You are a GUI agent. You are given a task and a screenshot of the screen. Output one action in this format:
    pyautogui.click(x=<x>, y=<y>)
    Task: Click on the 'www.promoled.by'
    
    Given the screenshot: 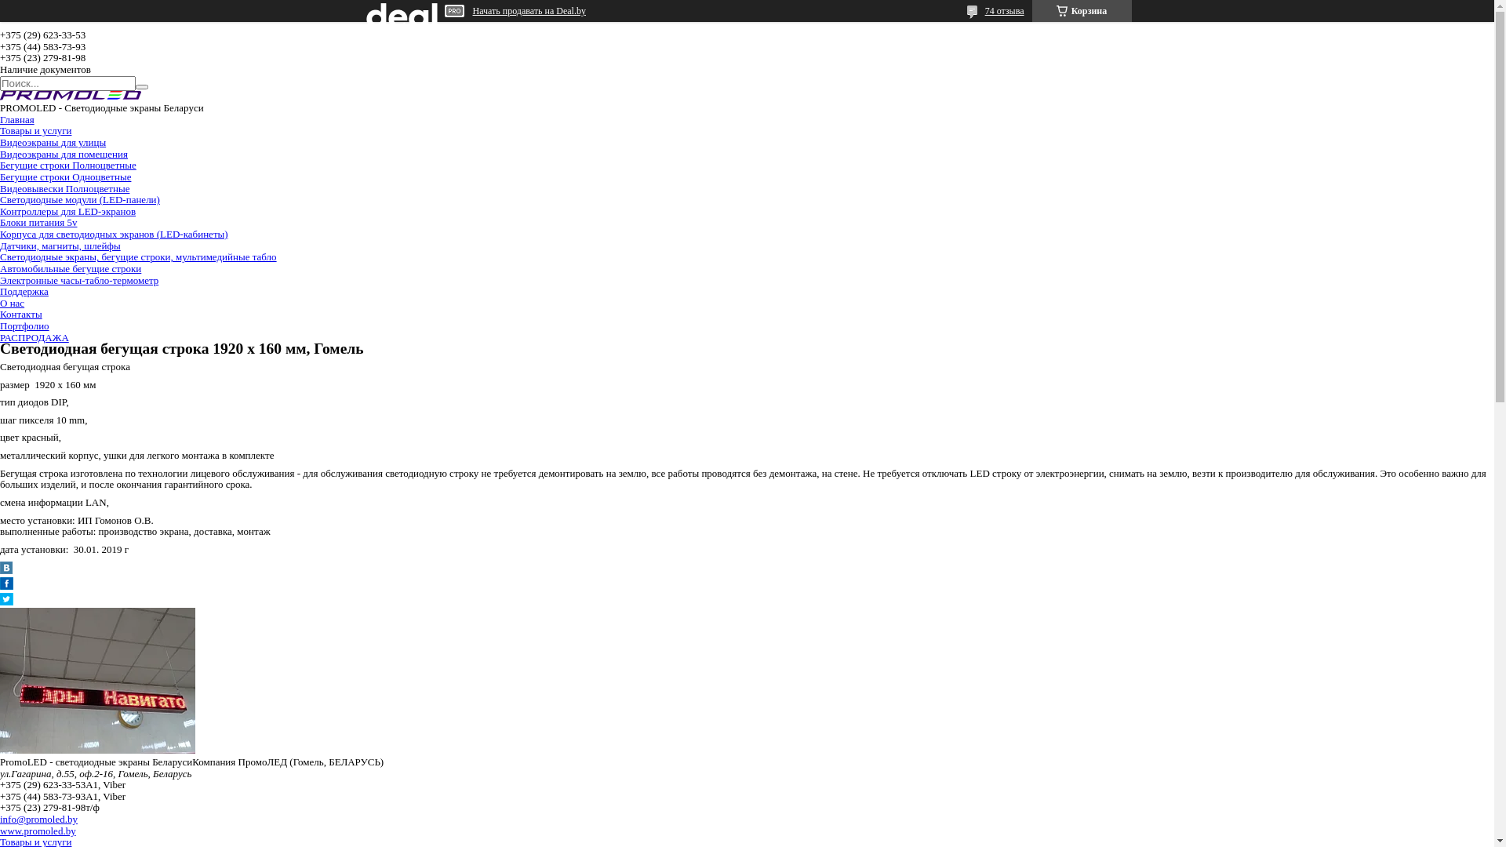 What is the action you would take?
    pyautogui.click(x=38, y=830)
    